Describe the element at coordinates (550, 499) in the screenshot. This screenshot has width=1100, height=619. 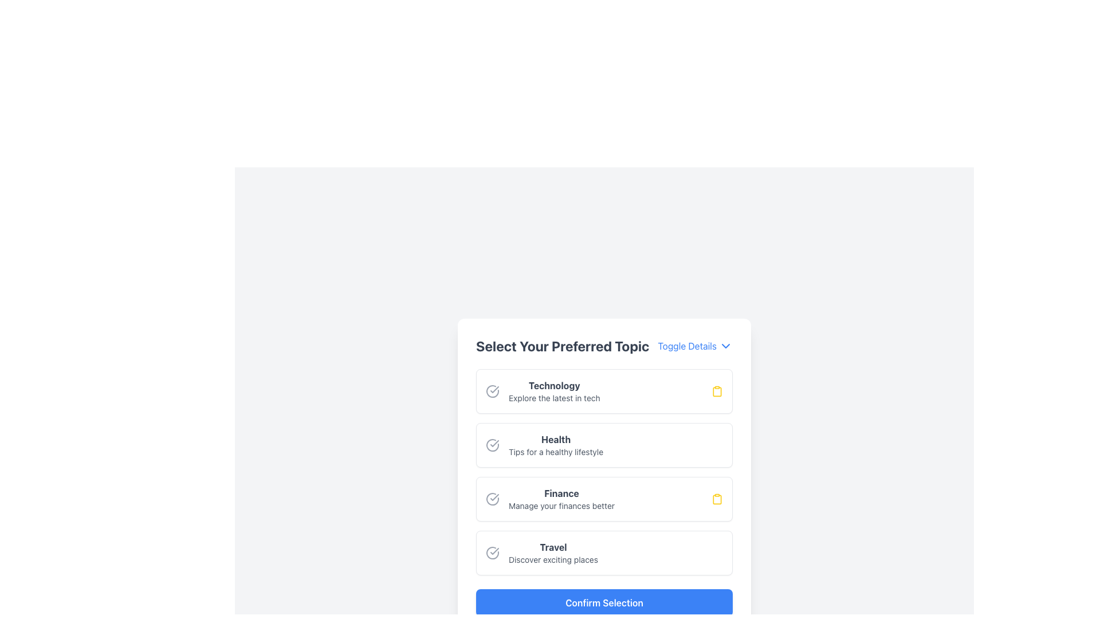
I see `the selectable list item labeled 'Finance'` at that location.